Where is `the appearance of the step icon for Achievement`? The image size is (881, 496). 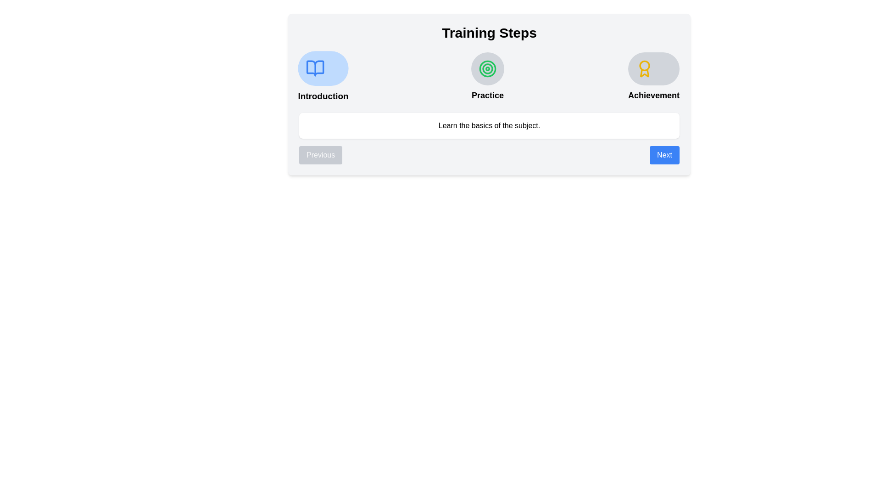
the appearance of the step icon for Achievement is located at coordinates (653, 68).